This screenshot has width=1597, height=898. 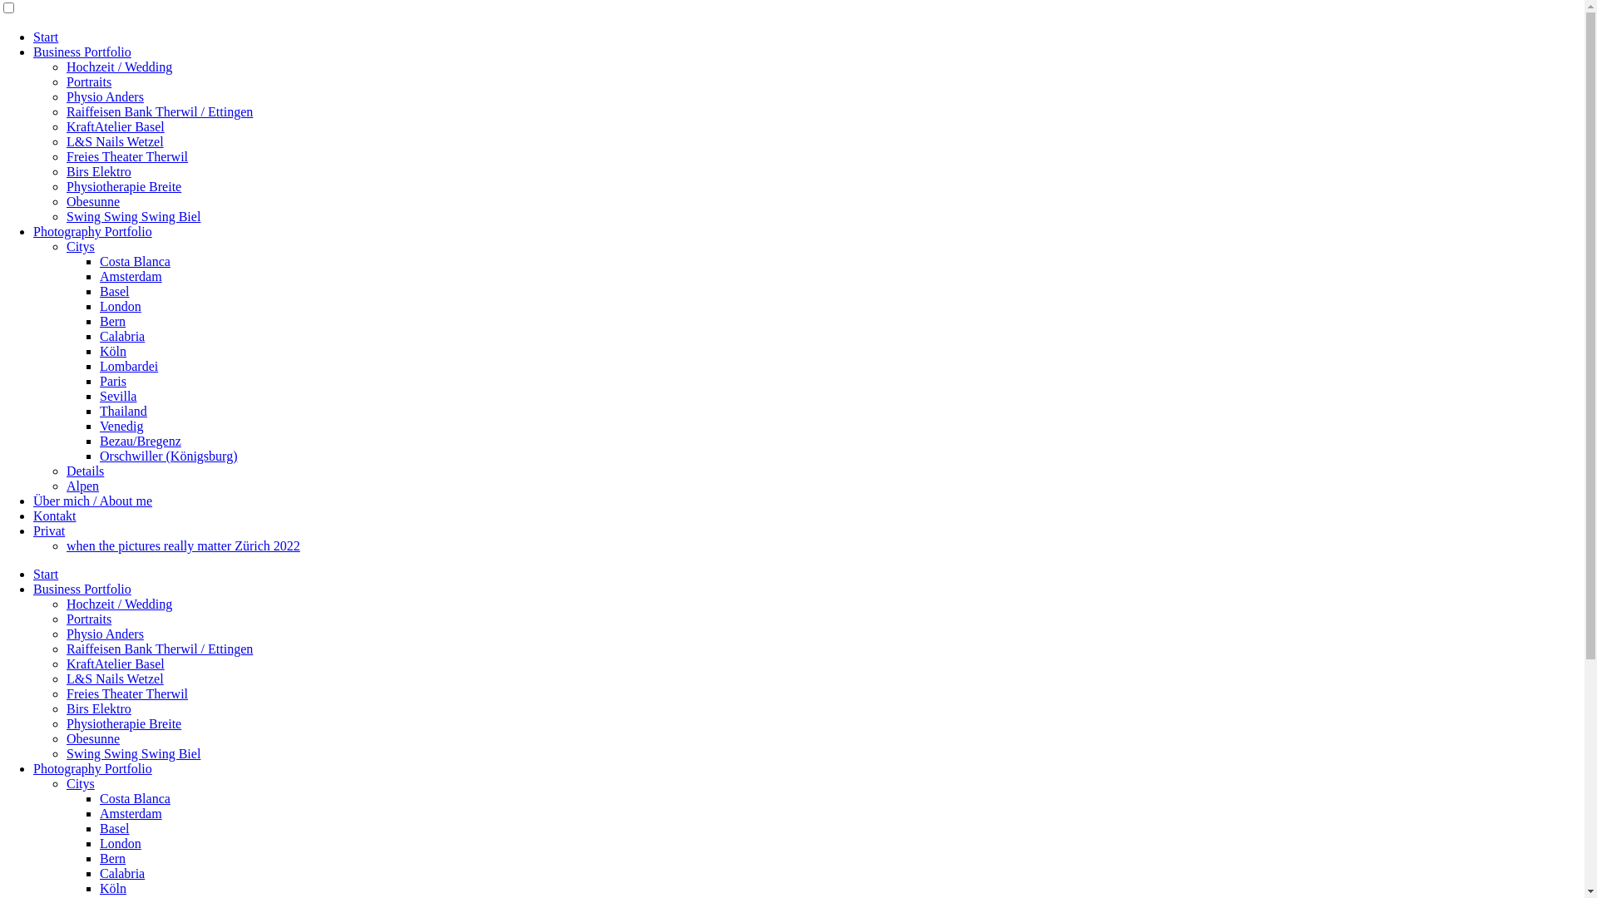 What do you see at coordinates (120, 425) in the screenshot?
I see `'Venedig'` at bounding box center [120, 425].